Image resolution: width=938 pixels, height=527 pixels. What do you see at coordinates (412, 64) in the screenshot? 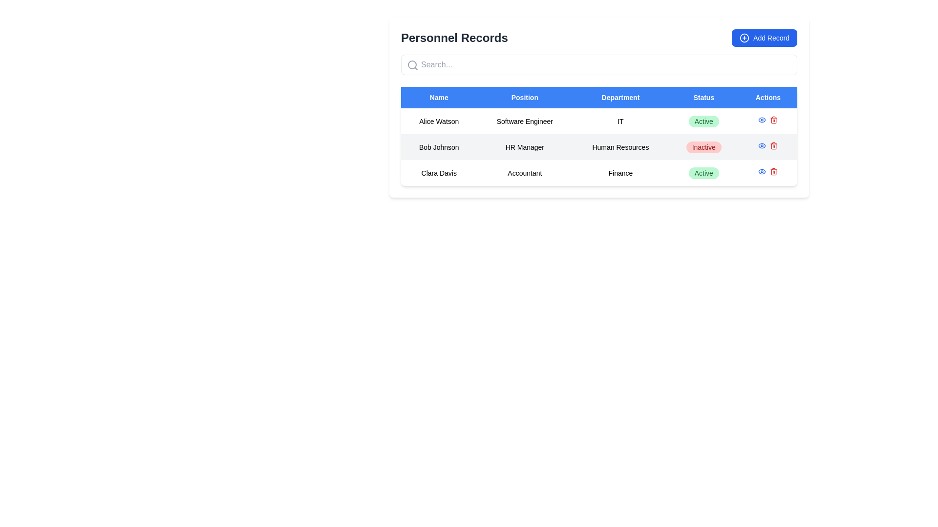
I see `the primary circle component of the magnifying glass icon located in the search bar in the top-left corner of the interface` at bounding box center [412, 64].